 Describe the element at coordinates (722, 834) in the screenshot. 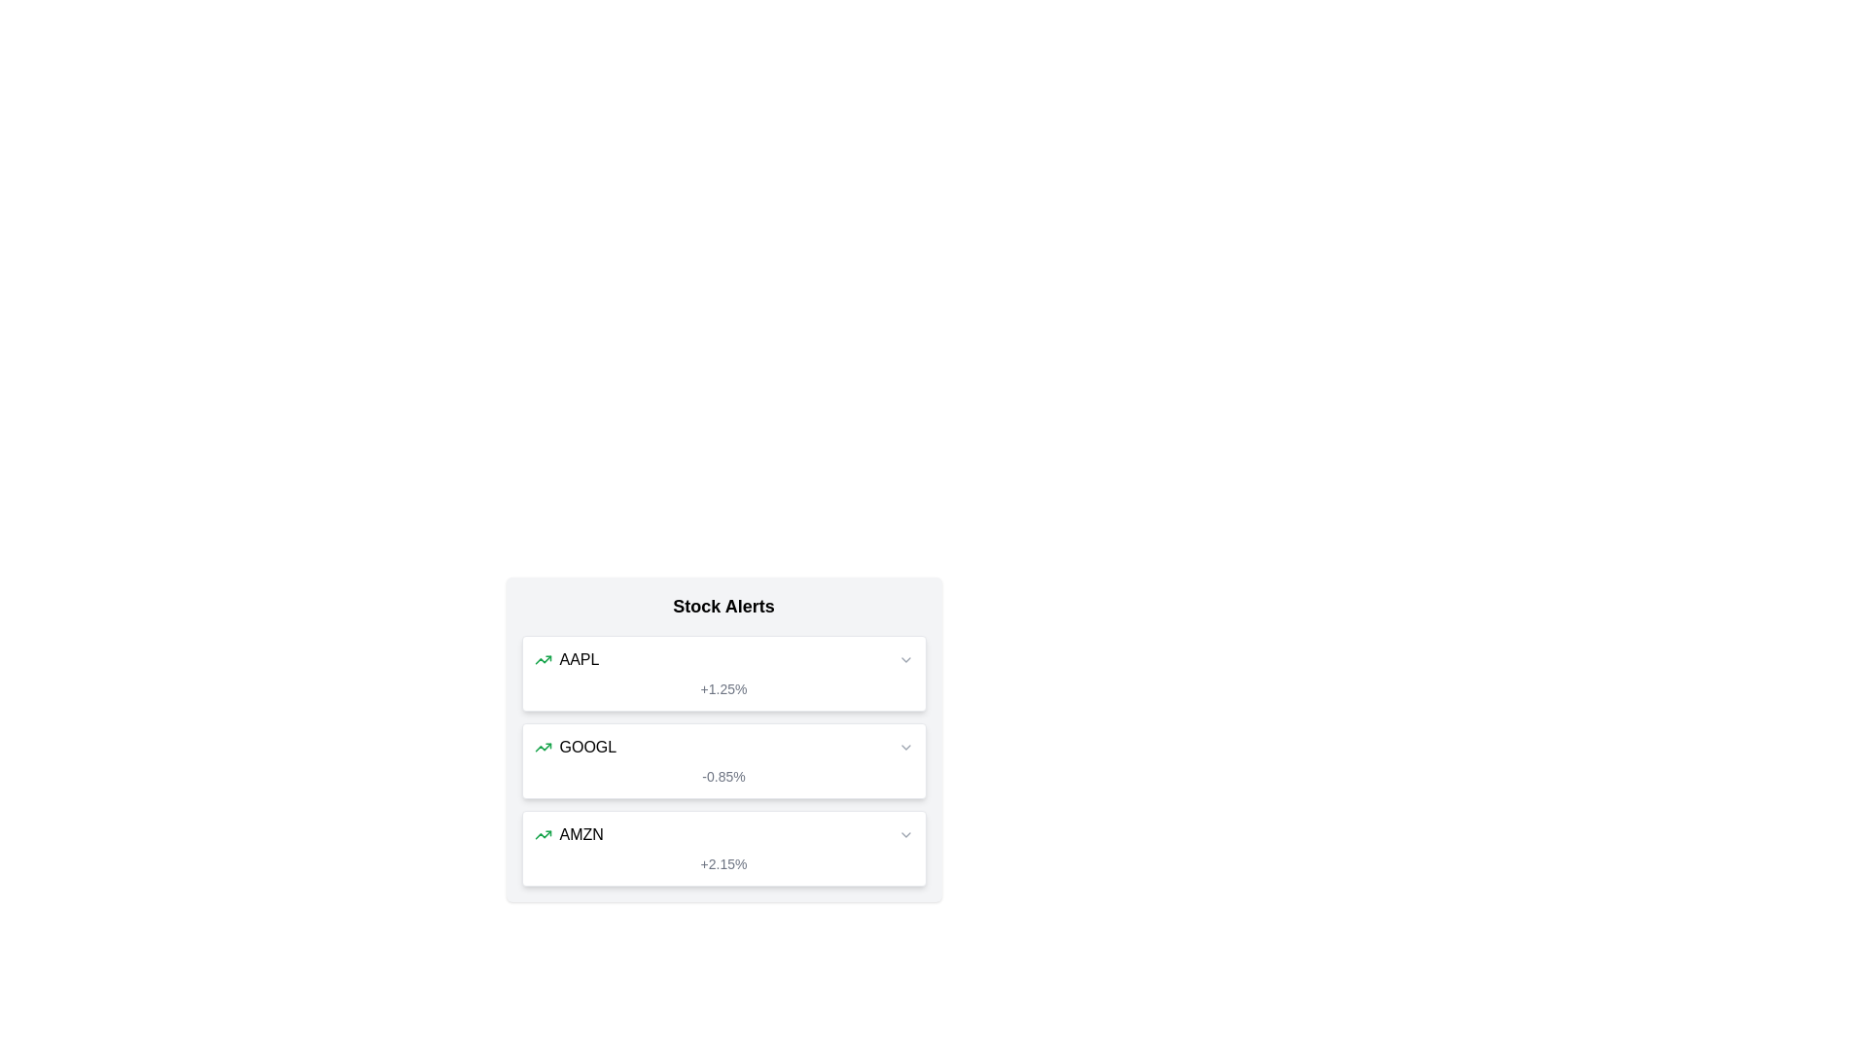

I see `graphical trend indicator of the stock entry for 'AMZN' located in the third row of the 'Stock Alerts' list` at that location.